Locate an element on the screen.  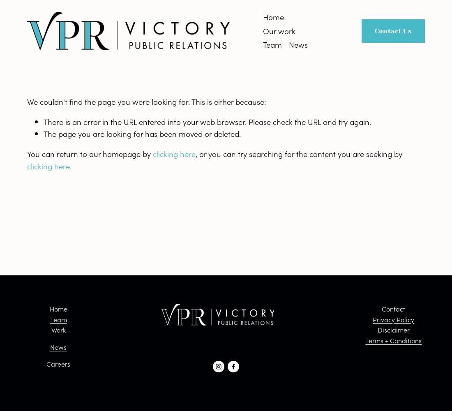
'Careers' is located at coordinates (58, 364).